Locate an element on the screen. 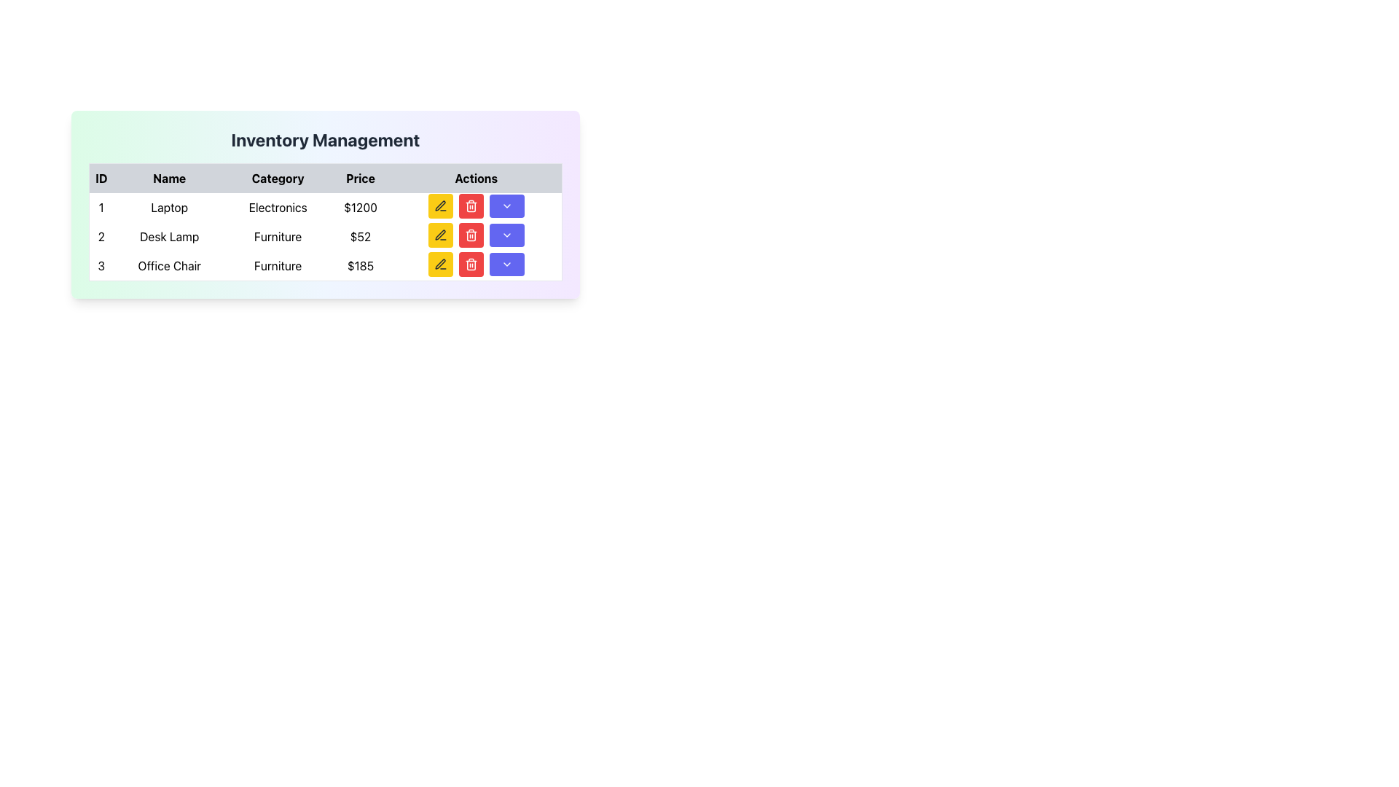 The image size is (1399, 787). the delete button in the 'Actions' column is located at coordinates (471, 235).